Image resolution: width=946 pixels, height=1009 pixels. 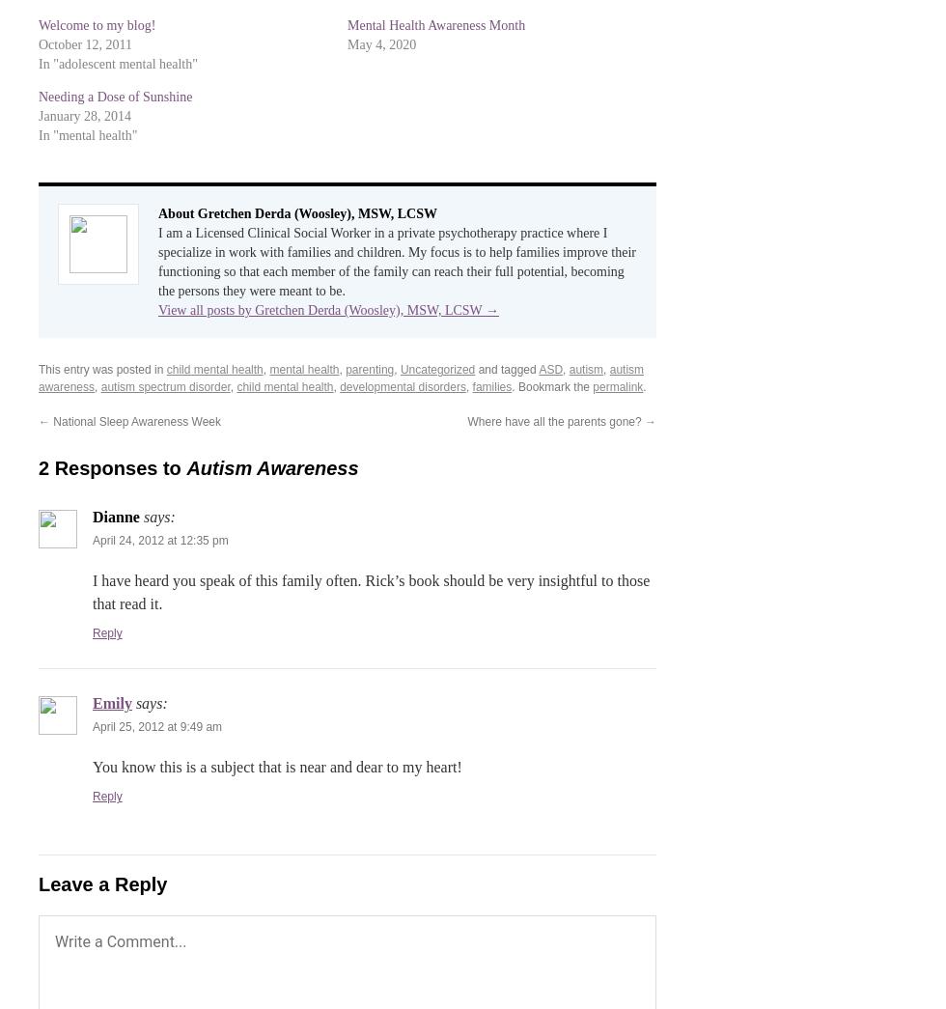 I want to click on 'April 25, 2012 at 9:49 am', so click(x=156, y=726).